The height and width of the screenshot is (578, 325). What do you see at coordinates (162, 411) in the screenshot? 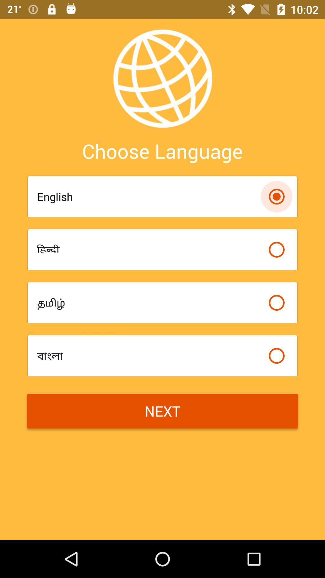
I see `the next` at bounding box center [162, 411].